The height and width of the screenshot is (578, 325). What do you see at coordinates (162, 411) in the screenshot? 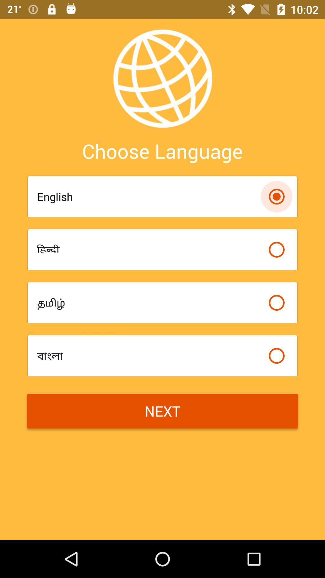
I see `the next` at bounding box center [162, 411].